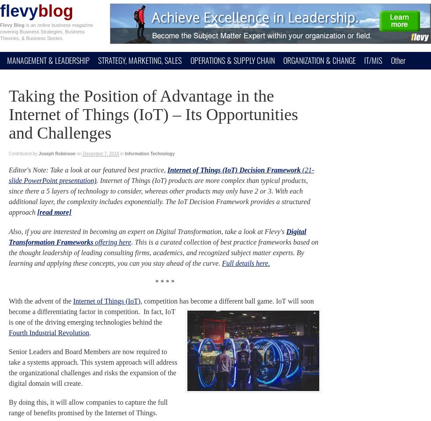  What do you see at coordinates (101, 154) in the screenshot?
I see `'December 7, 2018'` at bounding box center [101, 154].